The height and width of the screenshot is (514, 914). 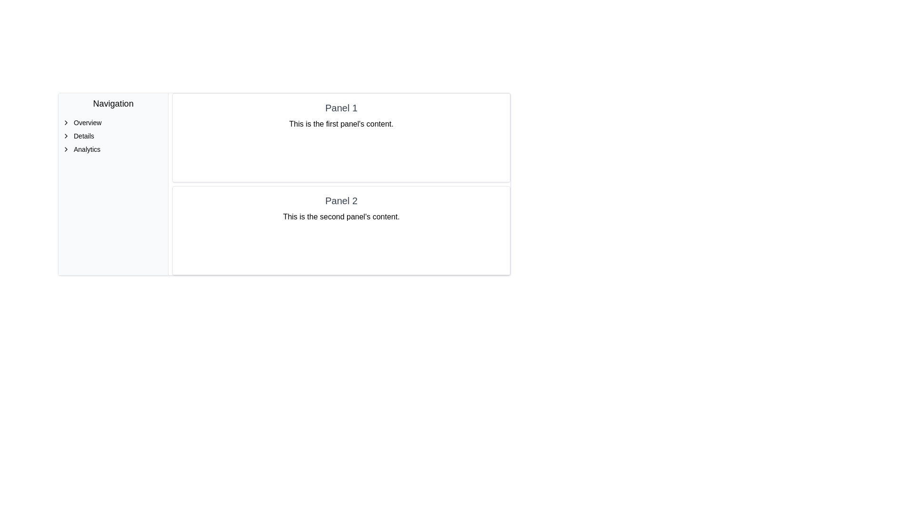 I want to click on the rightward chevron icon located next to the 'Overview' text in the vertical navigation menu, so click(x=66, y=122).